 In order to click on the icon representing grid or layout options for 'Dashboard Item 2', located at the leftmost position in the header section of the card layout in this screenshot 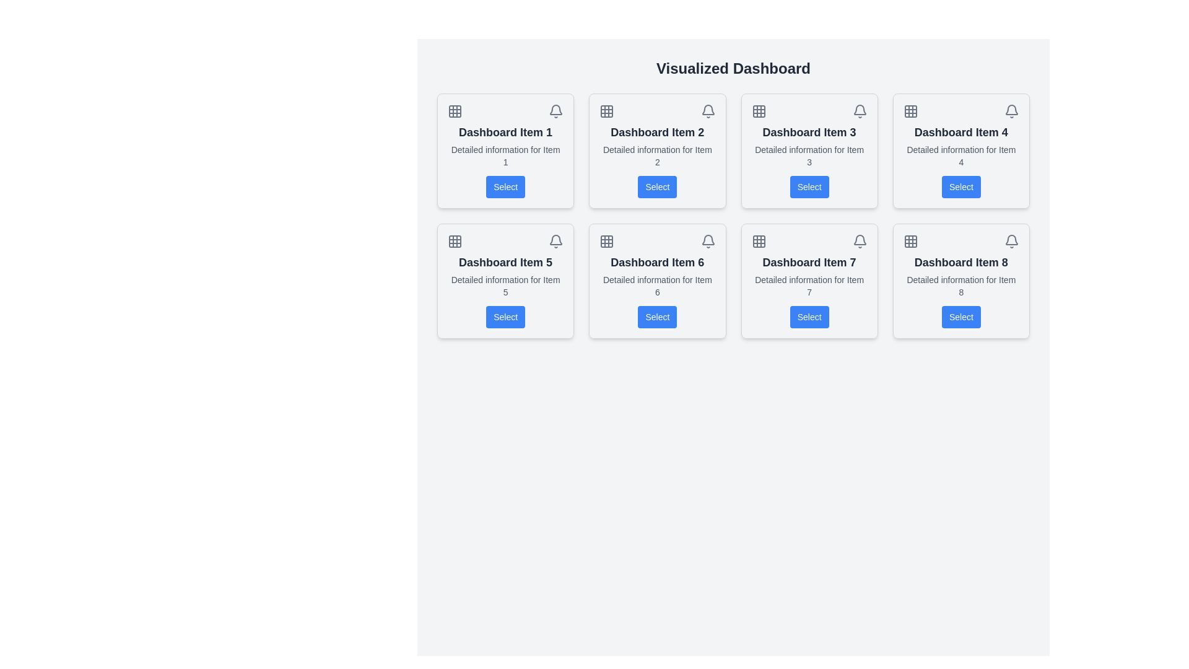, I will do `click(607, 111)`.